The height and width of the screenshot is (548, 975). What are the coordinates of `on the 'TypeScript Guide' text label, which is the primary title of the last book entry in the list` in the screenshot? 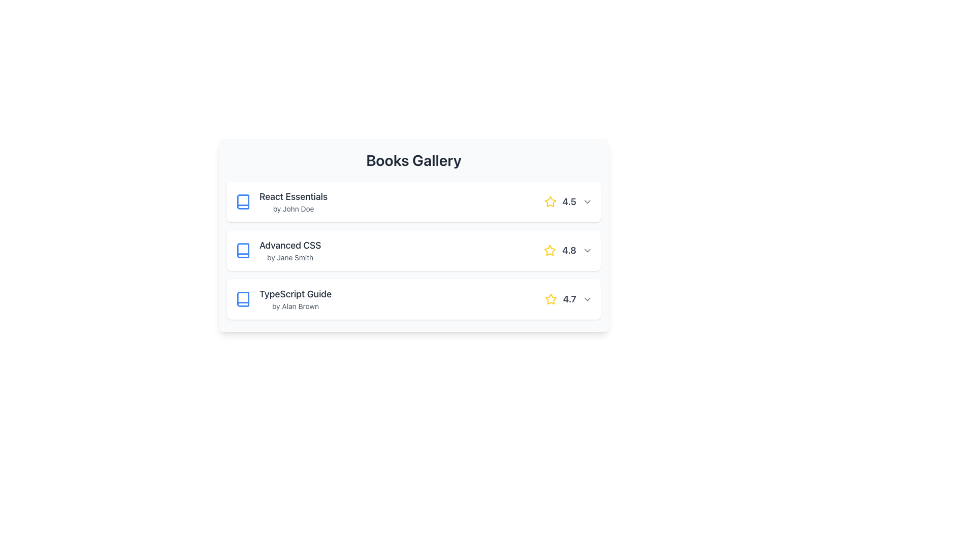 It's located at (295, 294).